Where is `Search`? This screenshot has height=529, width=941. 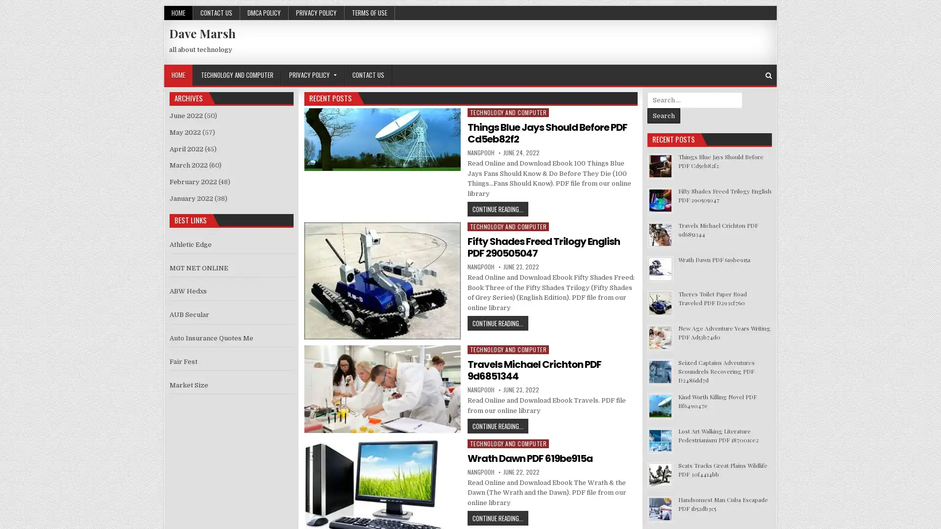 Search is located at coordinates (664, 115).